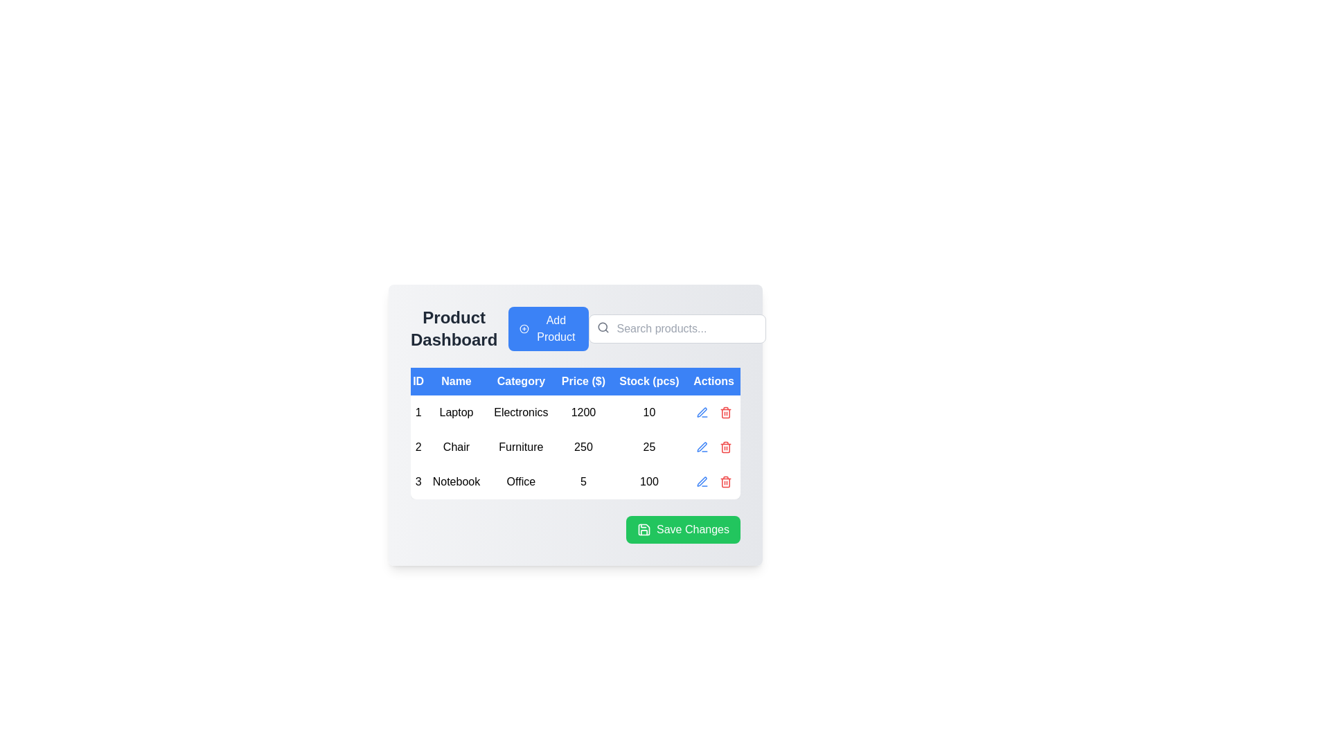 The height and width of the screenshot is (748, 1330). Describe the element at coordinates (548, 328) in the screenshot. I see `the button located to the right of 'Product Dashboard' and to the left of the search input field to change its color tone` at that location.